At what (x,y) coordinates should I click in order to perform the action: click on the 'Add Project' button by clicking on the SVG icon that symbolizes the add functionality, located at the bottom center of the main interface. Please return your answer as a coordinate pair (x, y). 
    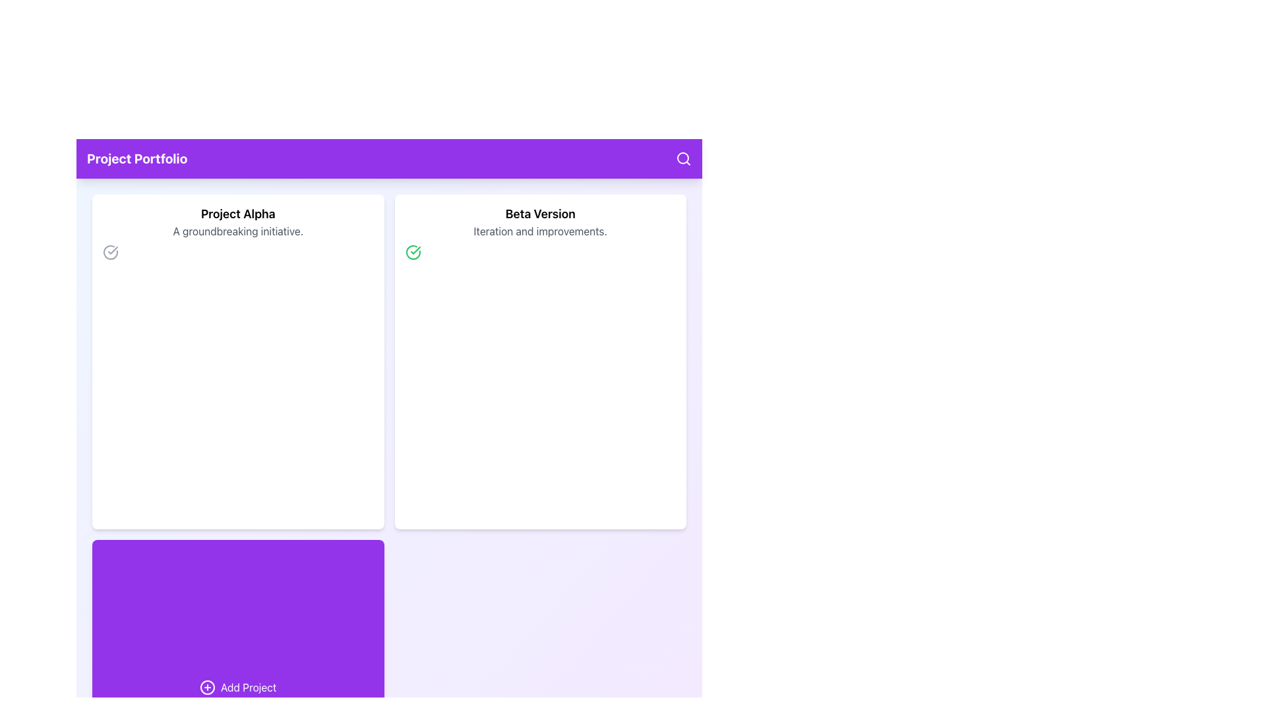
    Looking at the image, I should click on (207, 686).